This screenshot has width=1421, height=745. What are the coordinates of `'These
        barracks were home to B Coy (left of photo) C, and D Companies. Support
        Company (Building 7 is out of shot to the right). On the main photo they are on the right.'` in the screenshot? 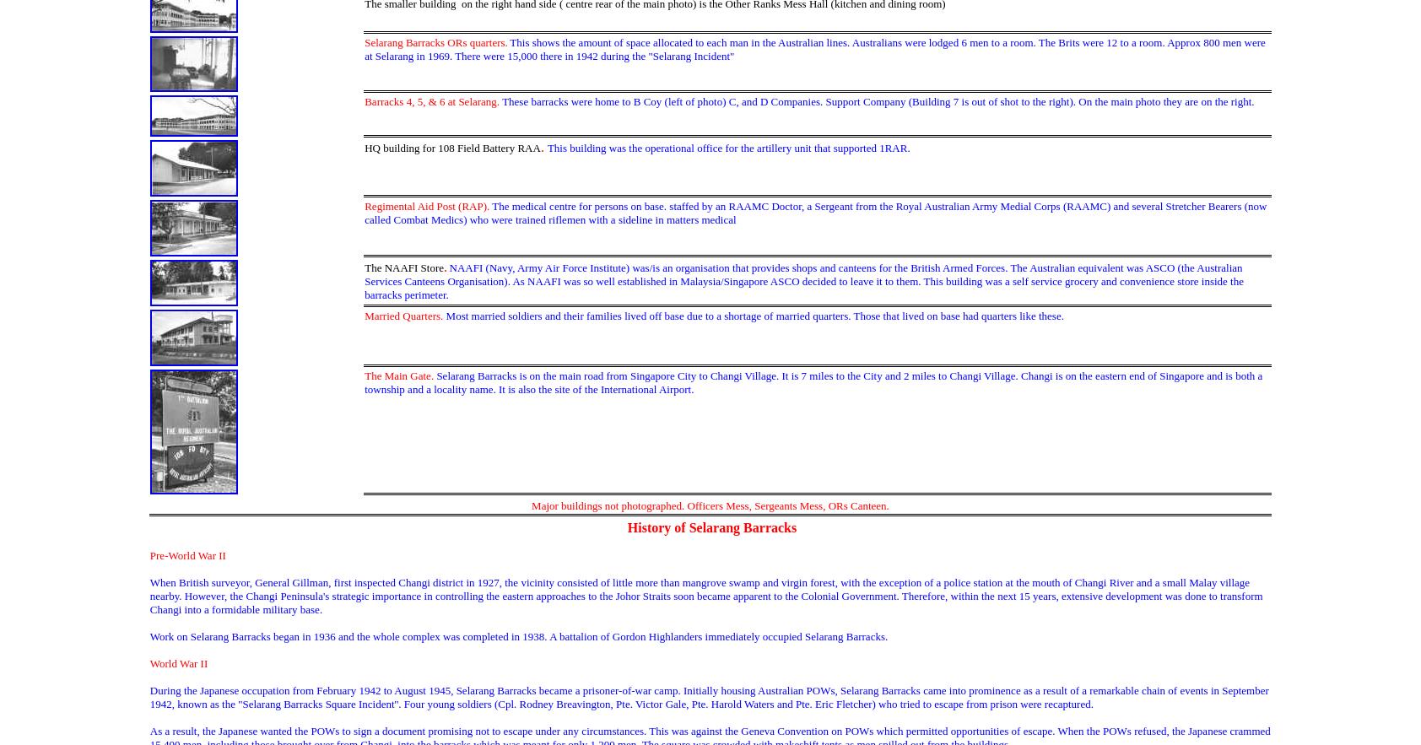 It's located at (877, 100).